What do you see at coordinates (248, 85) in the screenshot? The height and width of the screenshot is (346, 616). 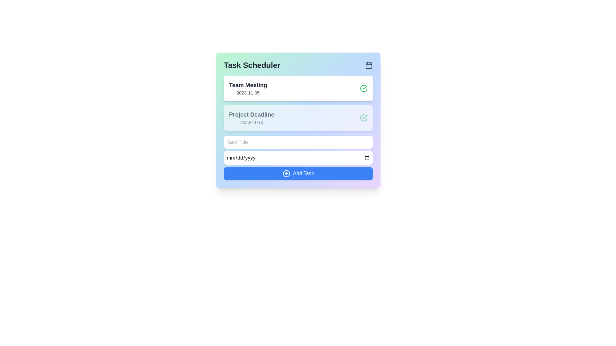 I see `the static text label that serves as the title or label of a task, located at the top of the main content area above the date '2023-11-05'` at bounding box center [248, 85].